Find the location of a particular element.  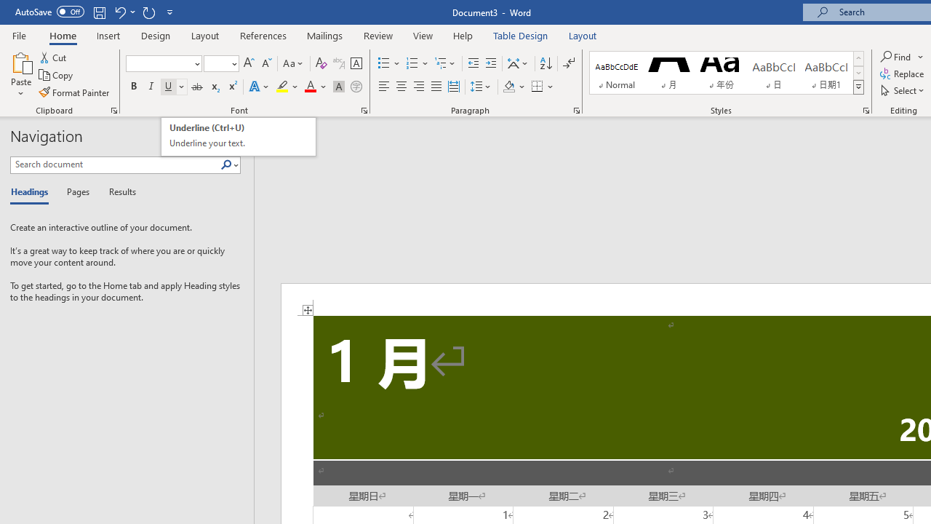

'Copy' is located at coordinates (57, 75).